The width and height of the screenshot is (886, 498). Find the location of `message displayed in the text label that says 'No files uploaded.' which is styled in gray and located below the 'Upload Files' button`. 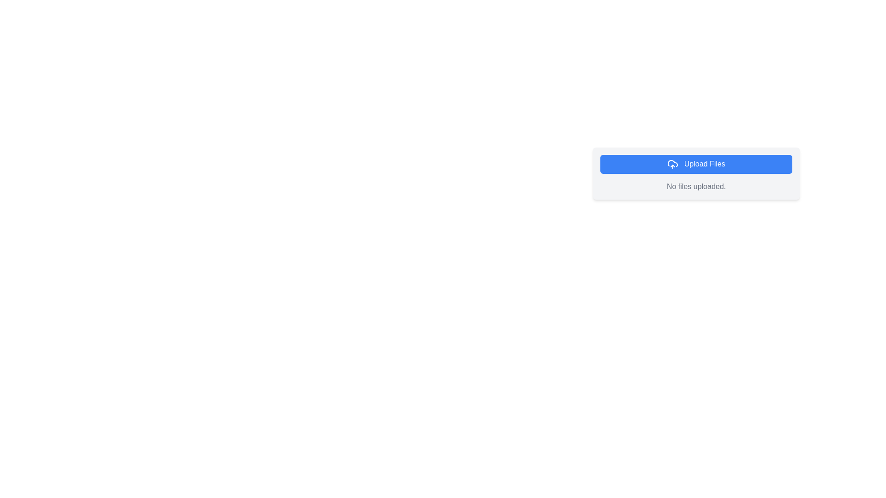

message displayed in the text label that says 'No files uploaded.' which is styled in gray and located below the 'Upload Files' button is located at coordinates (696, 186).